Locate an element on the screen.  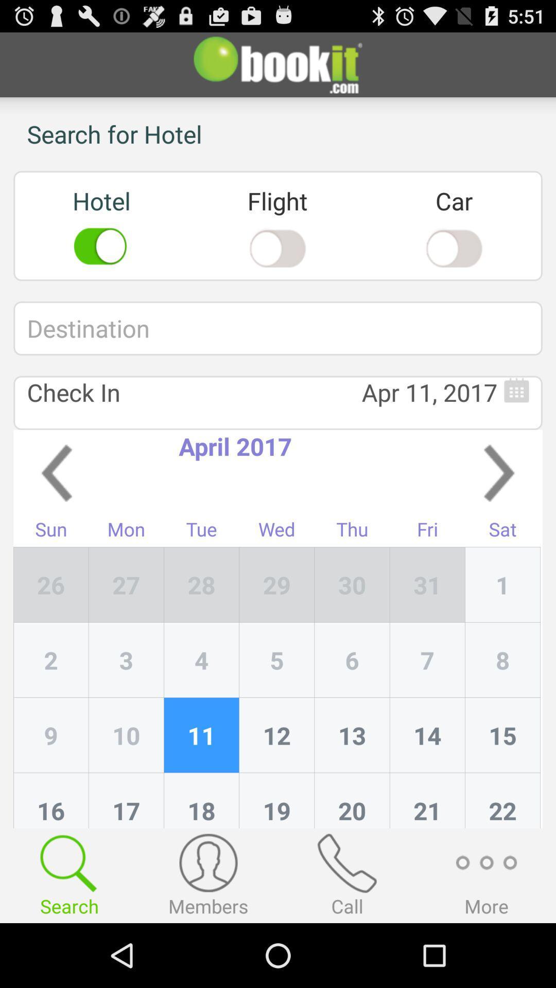
icon below tue item is located at coordinates (276, 585).